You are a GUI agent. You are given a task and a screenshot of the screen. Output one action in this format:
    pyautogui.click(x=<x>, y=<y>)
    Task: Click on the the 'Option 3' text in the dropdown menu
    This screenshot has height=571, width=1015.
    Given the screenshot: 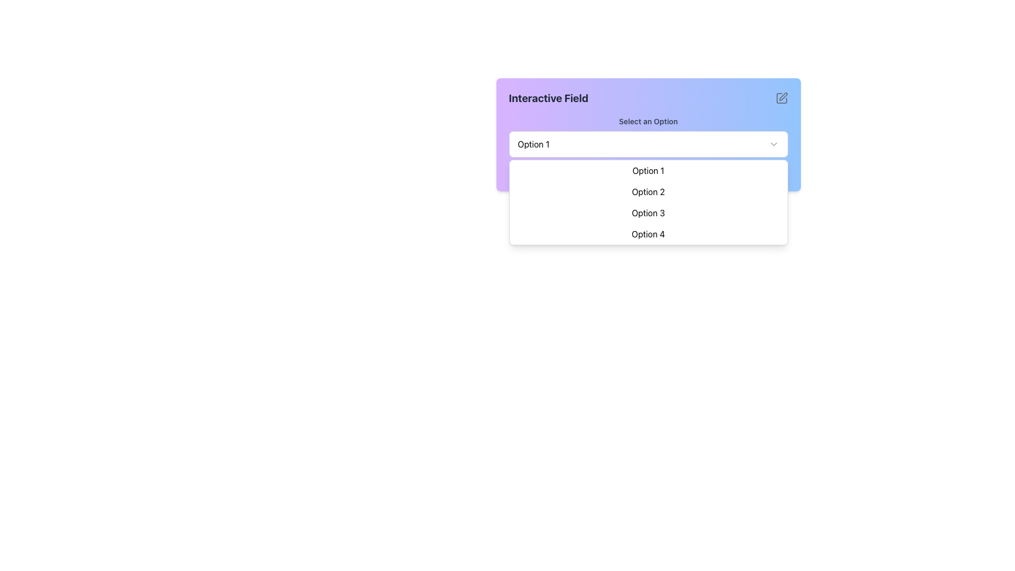 What is the action you would take?
    pyautogui.click(x=648, y=213)
    